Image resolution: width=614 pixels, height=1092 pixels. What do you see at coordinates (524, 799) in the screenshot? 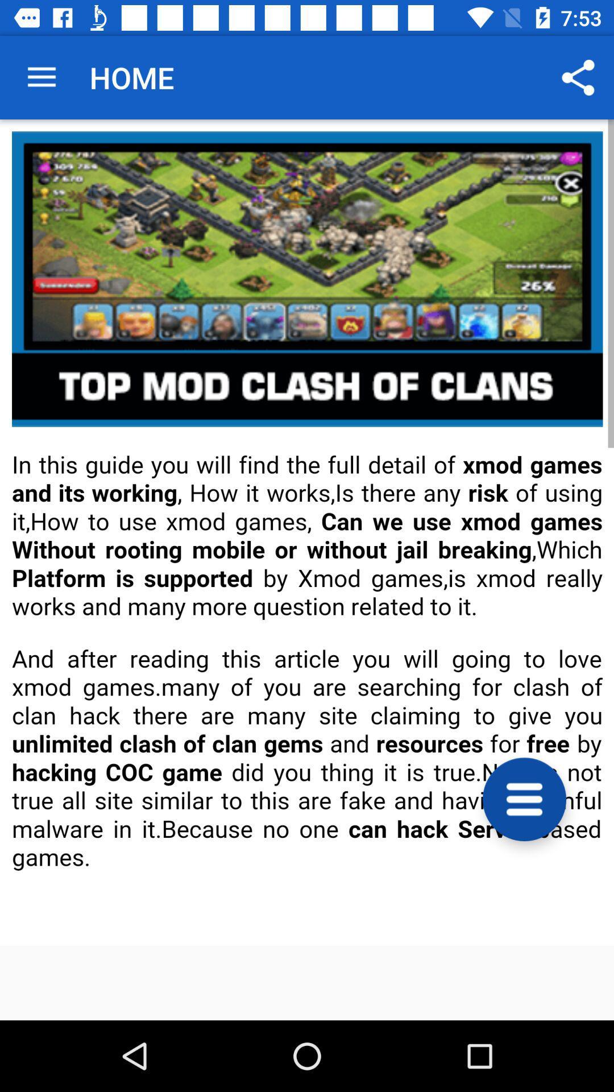
I see `the menu icon` at bounding box center [524, 799].